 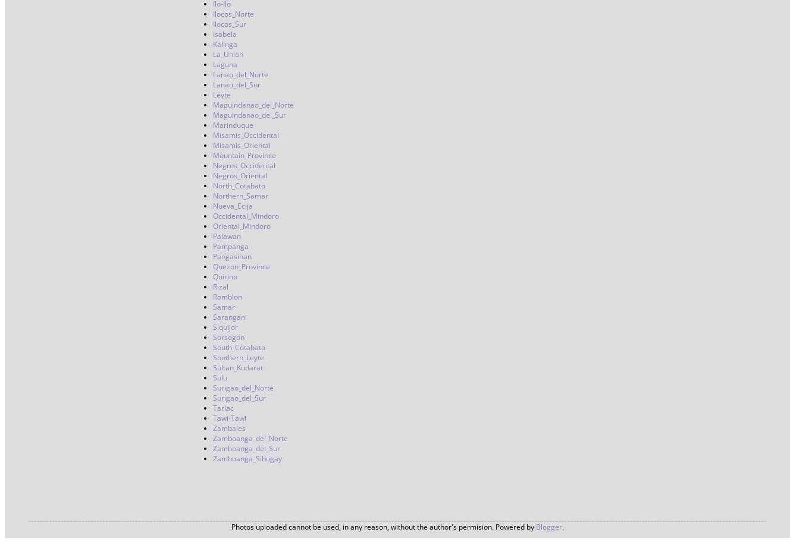 What do you see at coordinates (212, 377) in the screenshot?
I see `'Sulu'` at bounding box center [212, 377].